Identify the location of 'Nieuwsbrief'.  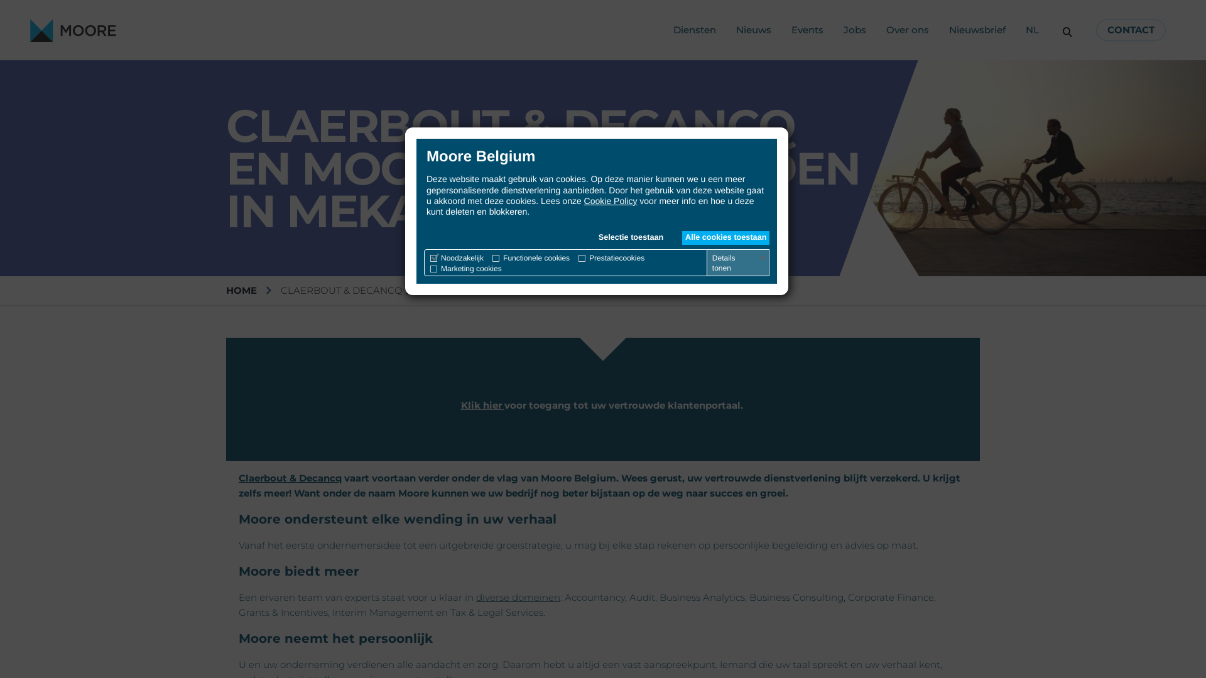
(976, 29).